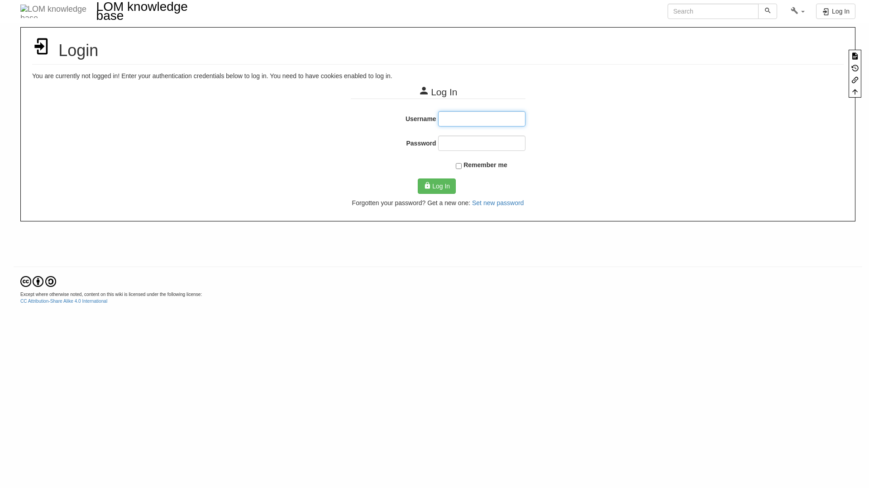 This screenshot has width=869, height=488. What do you see at coordinates (110, 11) in the screenshot?
I see `'LOM knowledge base'` at bounding box center [110, 11].